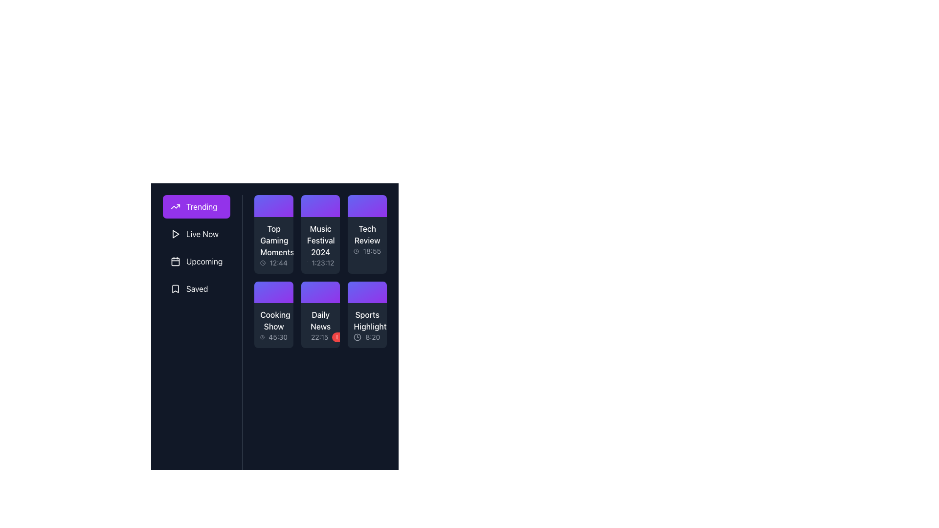 This screenshot has width=939, height=528. I want to click on the upward trending graph icon located to the left of the 'Trending' text in the vertical left sidebar, so click(176, 206).